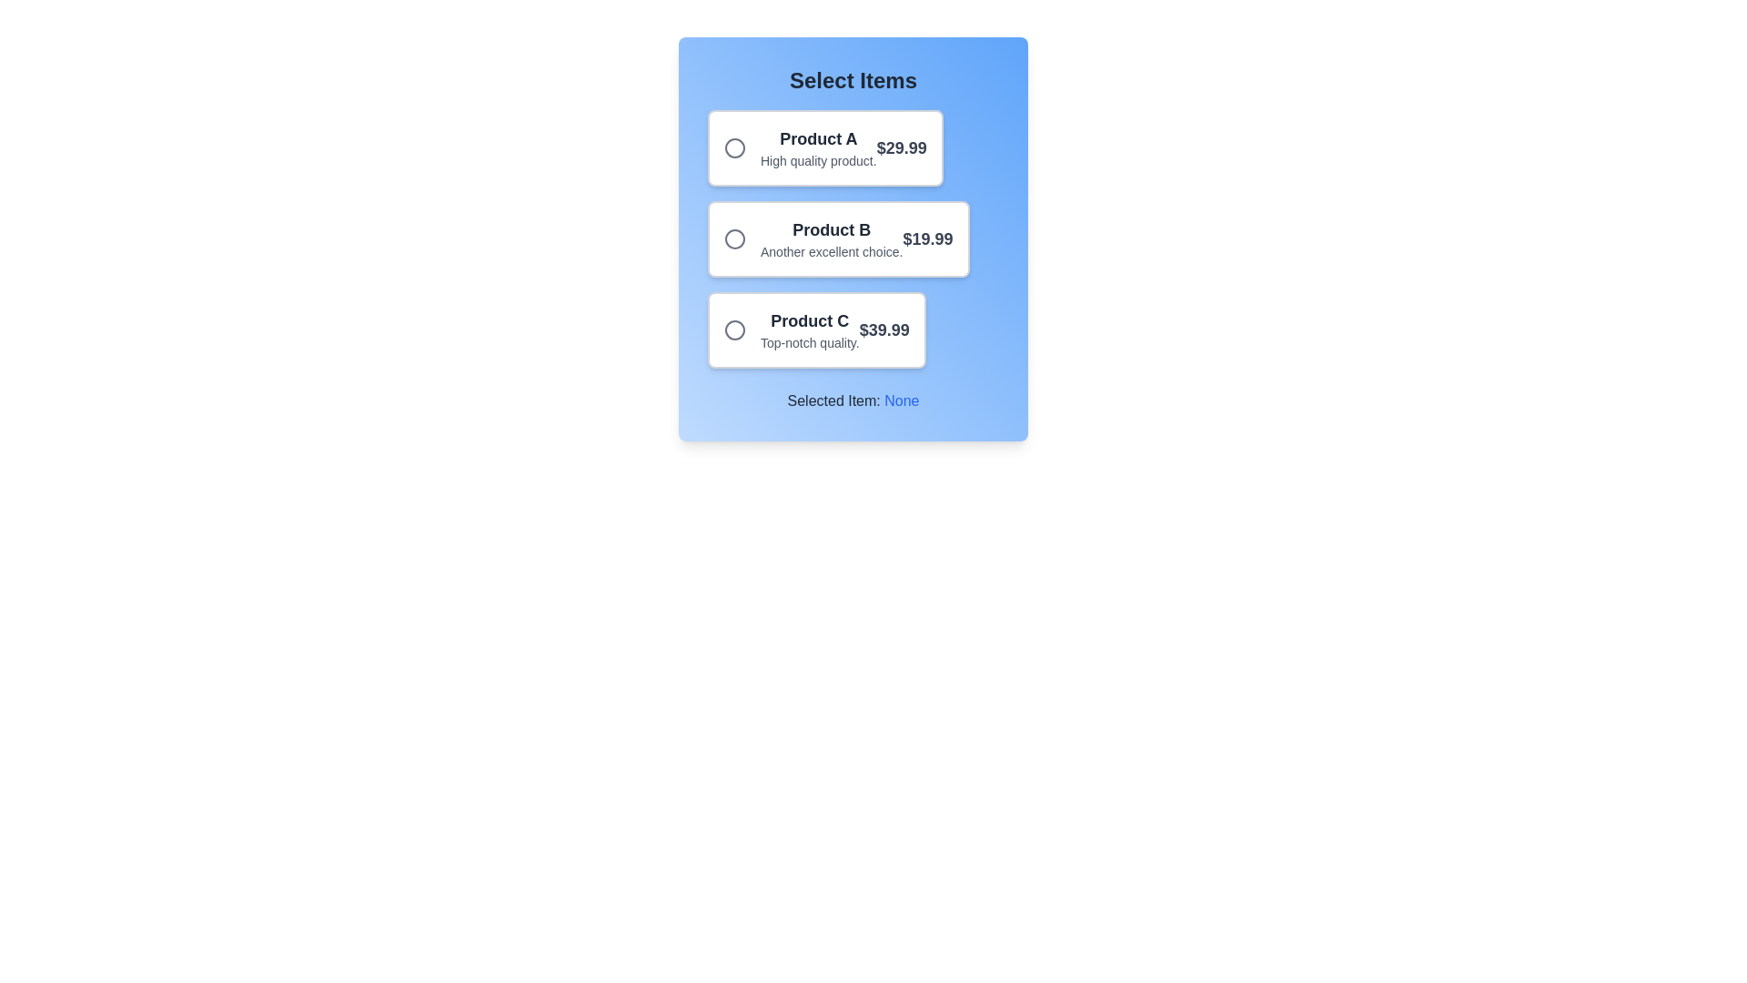 The width and height of the screenshot is (1747, 983). I want to click on the 'Select Items' text label located at the top-center of the blue card section, which is styled in a bold, large font with dark gray color, so click(852, 79).